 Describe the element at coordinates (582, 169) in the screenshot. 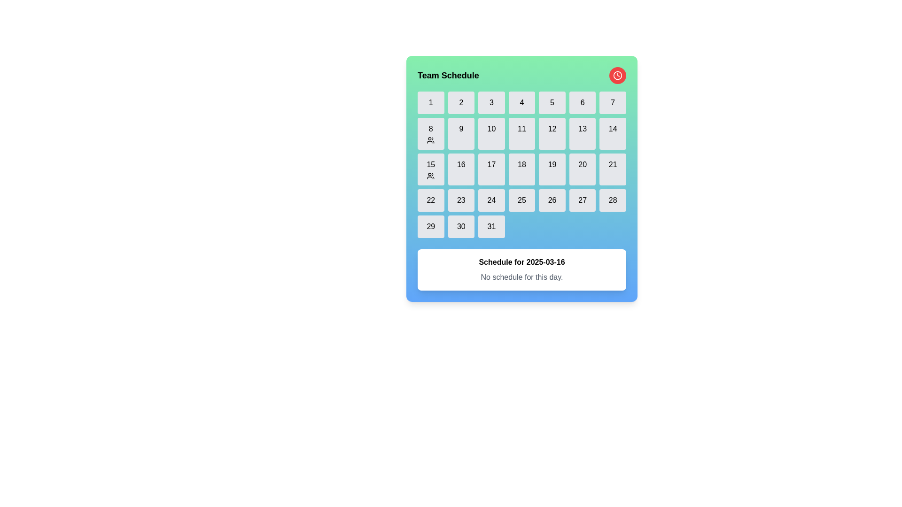

I see `the calendar day representation element displaying the date '20'` at that location.